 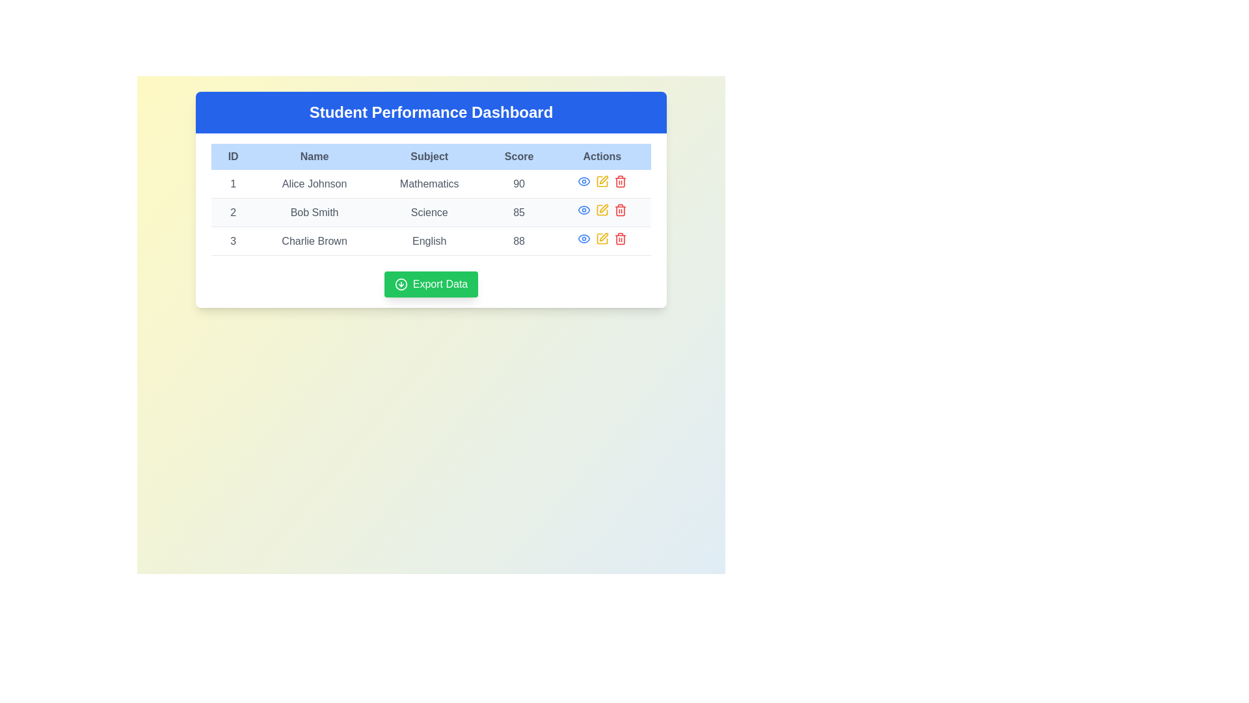 I want to click on the first row of the table containing ID '1', name 'Alice Johnson', subject 'Mathematics', and score '90', so click(x=431, y=183).